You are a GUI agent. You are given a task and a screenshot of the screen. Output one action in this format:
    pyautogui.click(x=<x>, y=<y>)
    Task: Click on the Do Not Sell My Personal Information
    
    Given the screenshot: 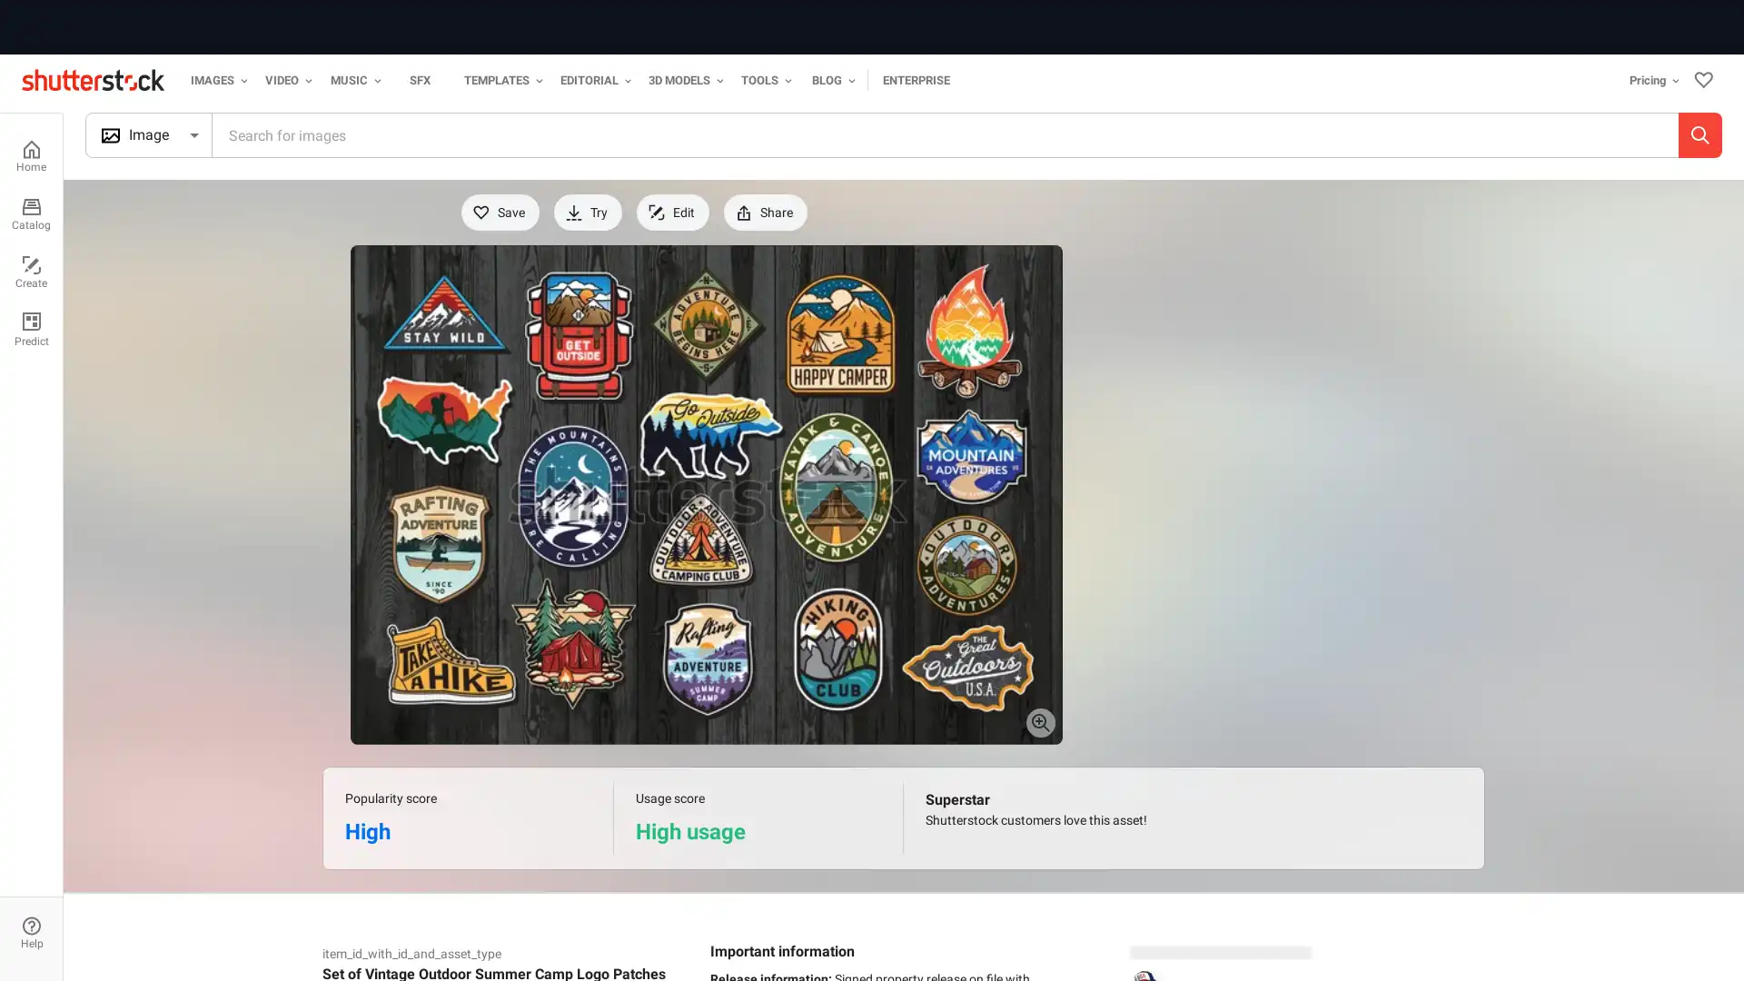 What is the action you would take?
    pyautogui.click(x=1085, y=912)
    